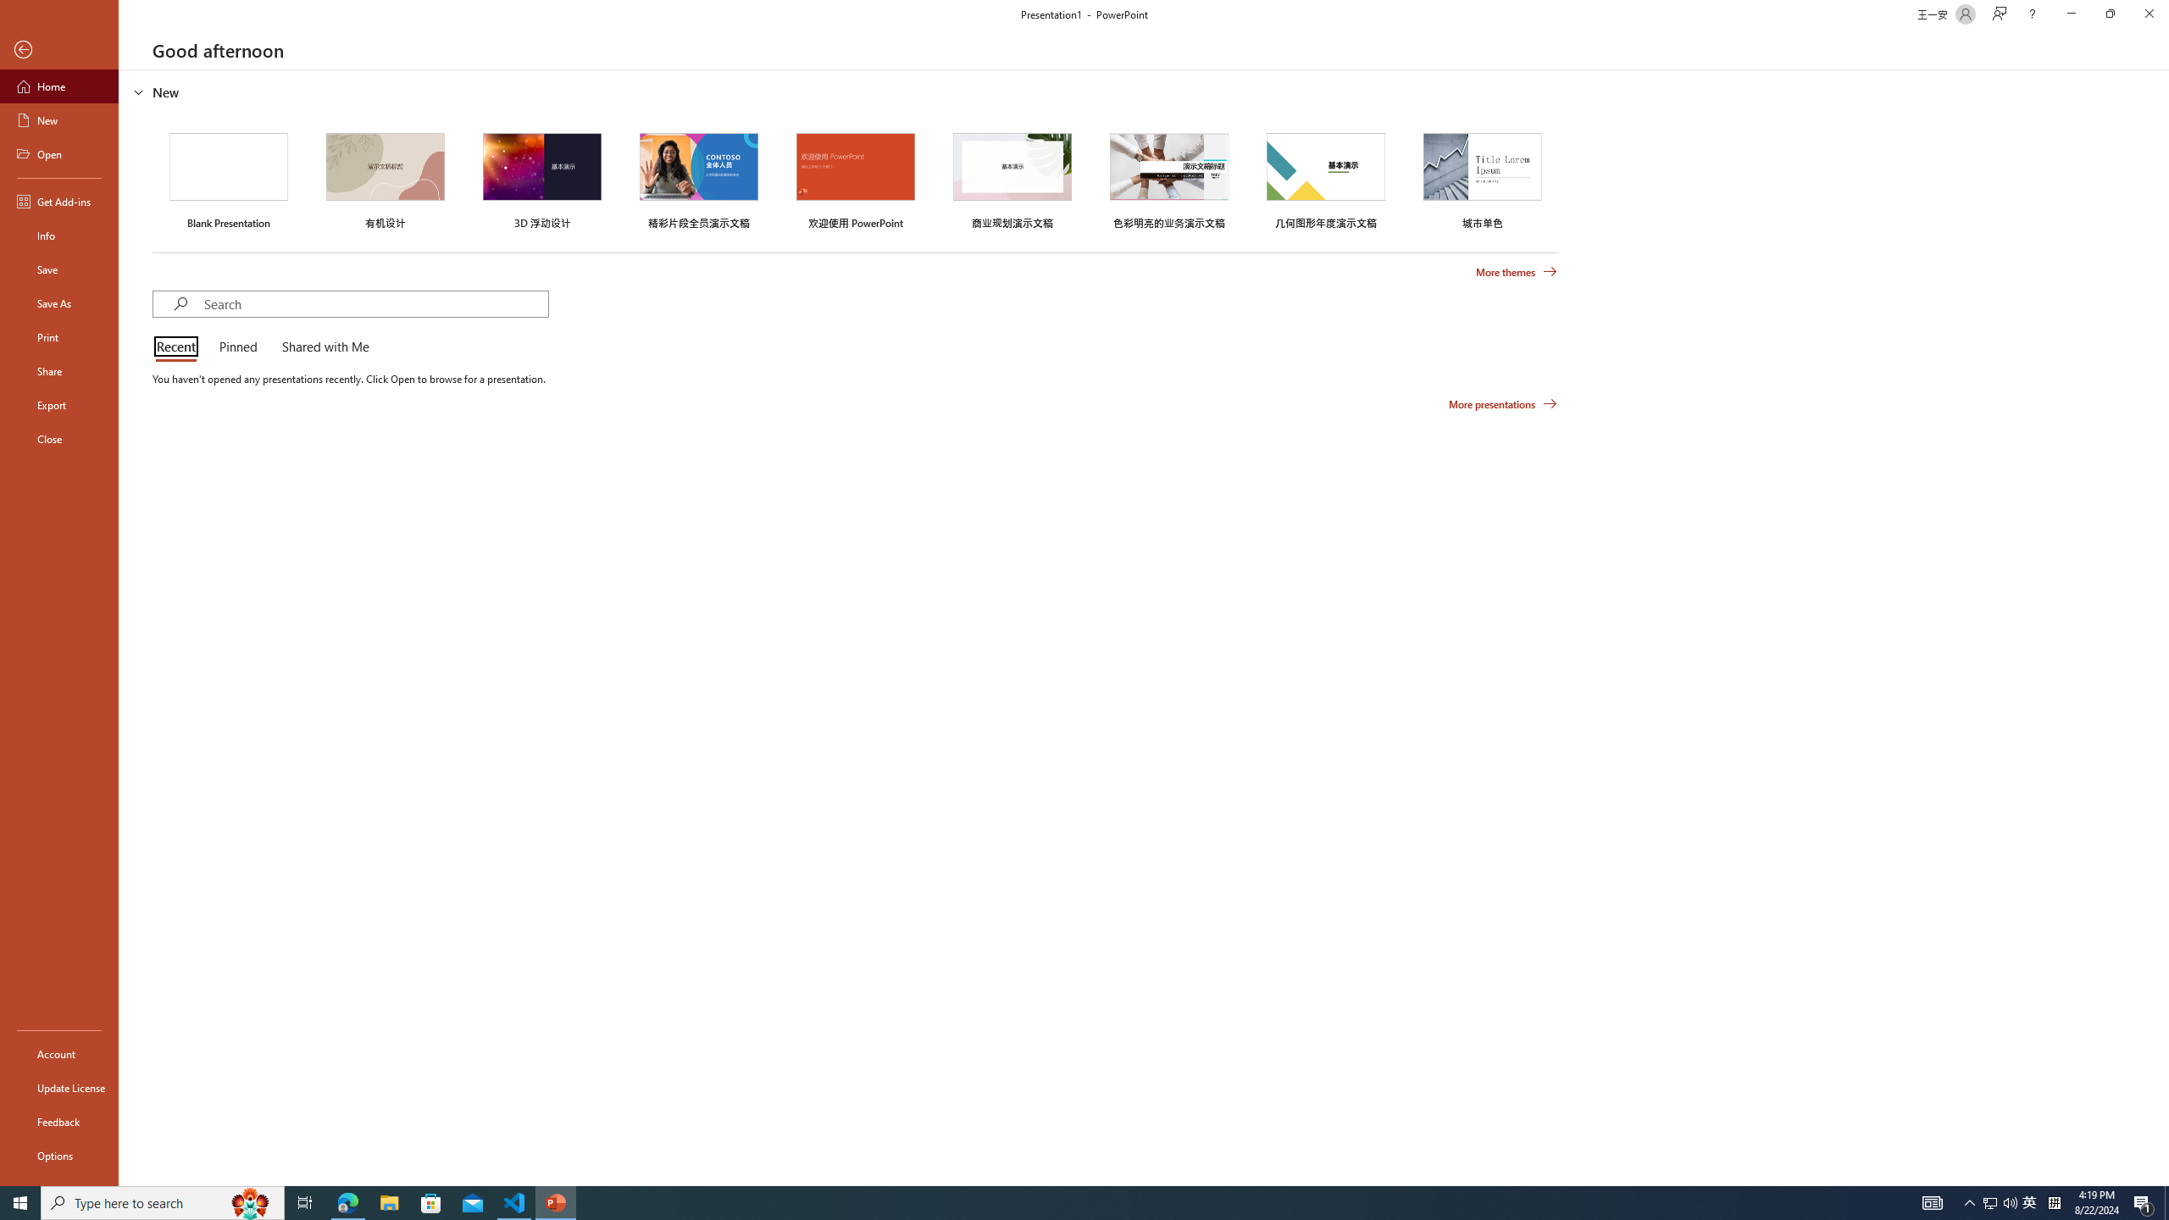 Image resolution: width=2169 pixels, height=1220 pixels. What do you see at coordinates (58, 336) in the screenshot?
I see `'Print'` at bounding box center [58, 336].